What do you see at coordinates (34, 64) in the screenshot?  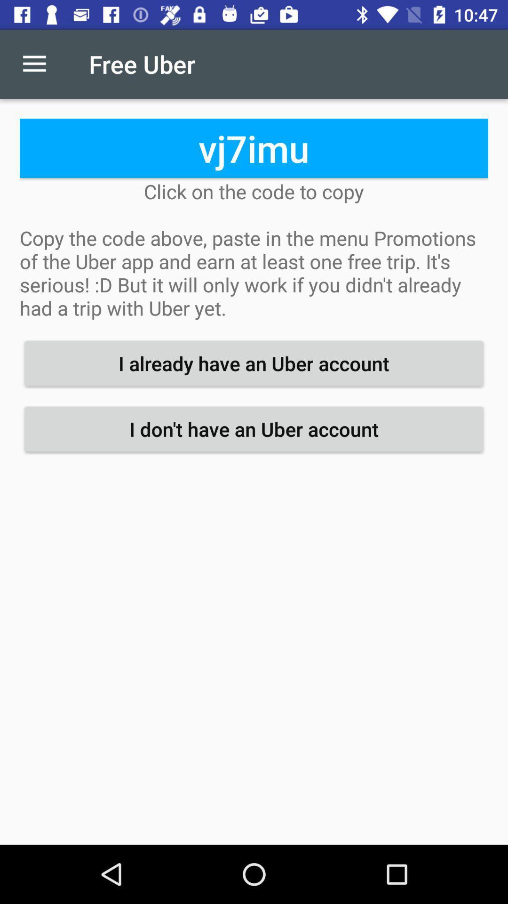 I see `the item next to free uber icon` at bounding box center [34, 64].